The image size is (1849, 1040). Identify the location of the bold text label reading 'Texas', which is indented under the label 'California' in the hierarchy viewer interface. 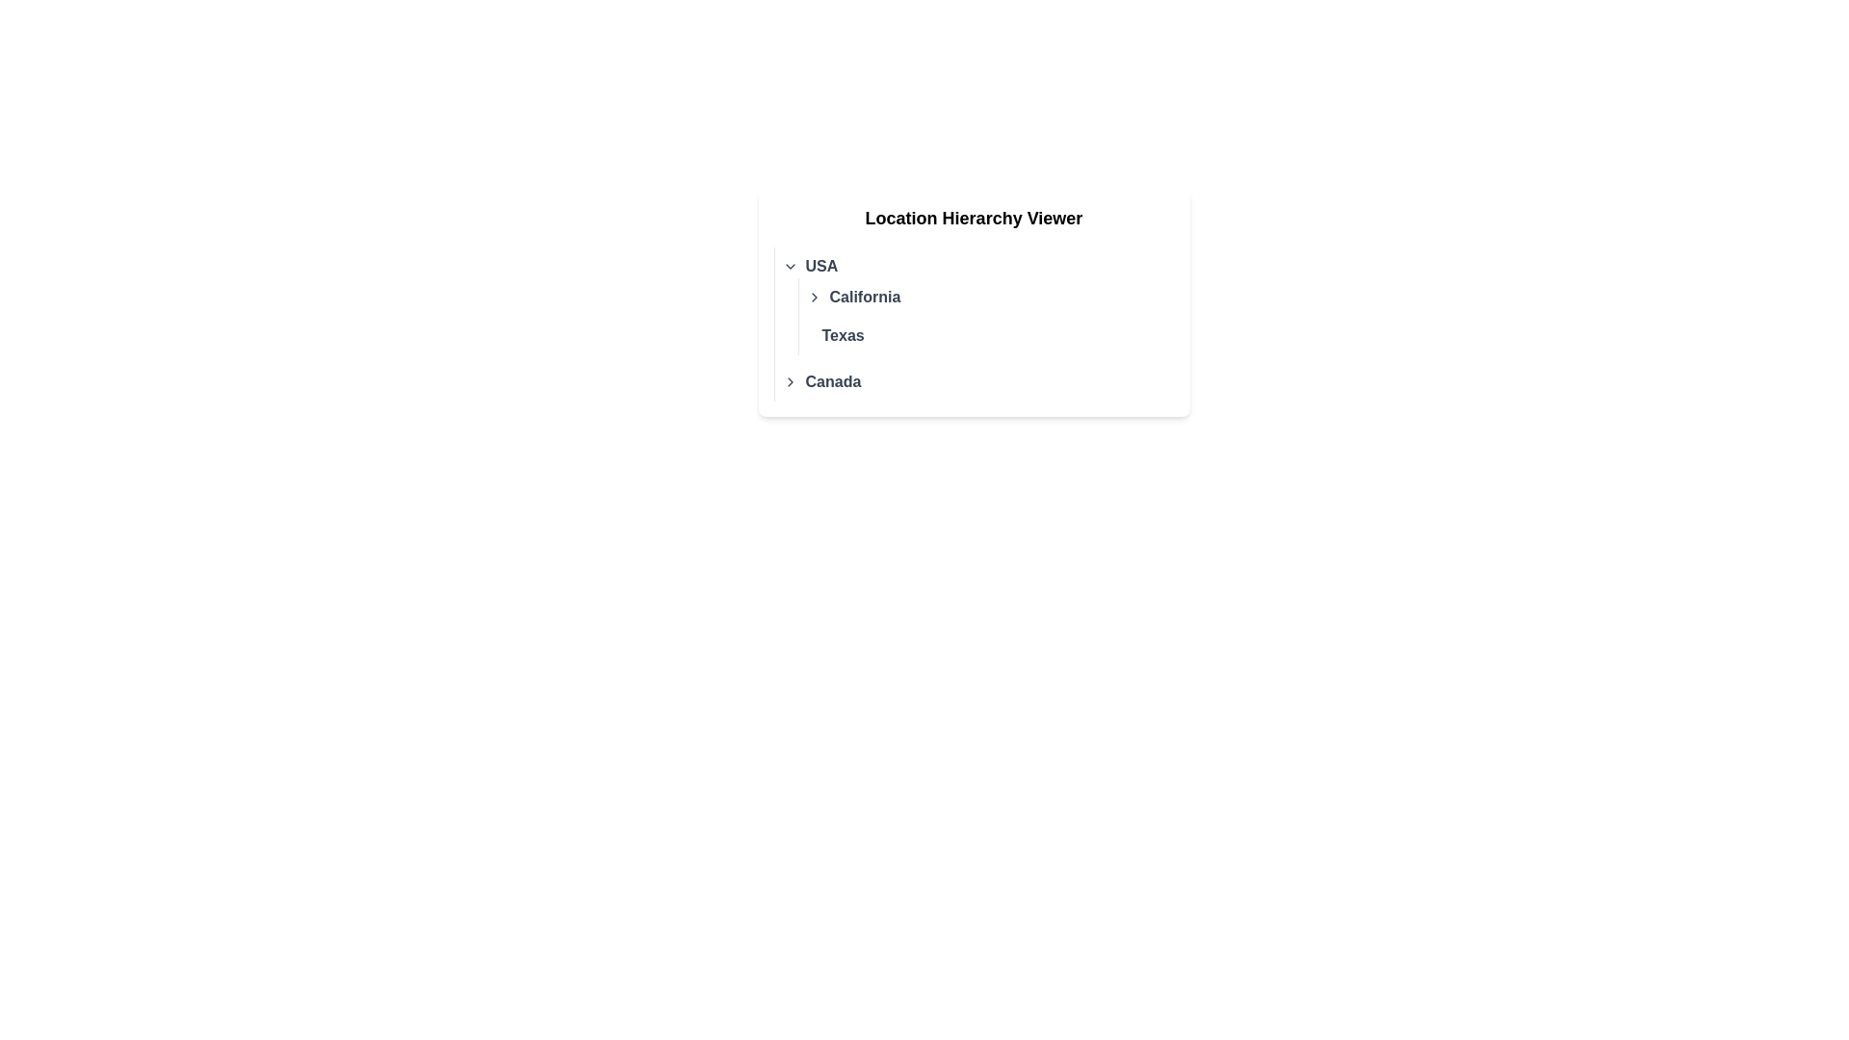
(843, 334).